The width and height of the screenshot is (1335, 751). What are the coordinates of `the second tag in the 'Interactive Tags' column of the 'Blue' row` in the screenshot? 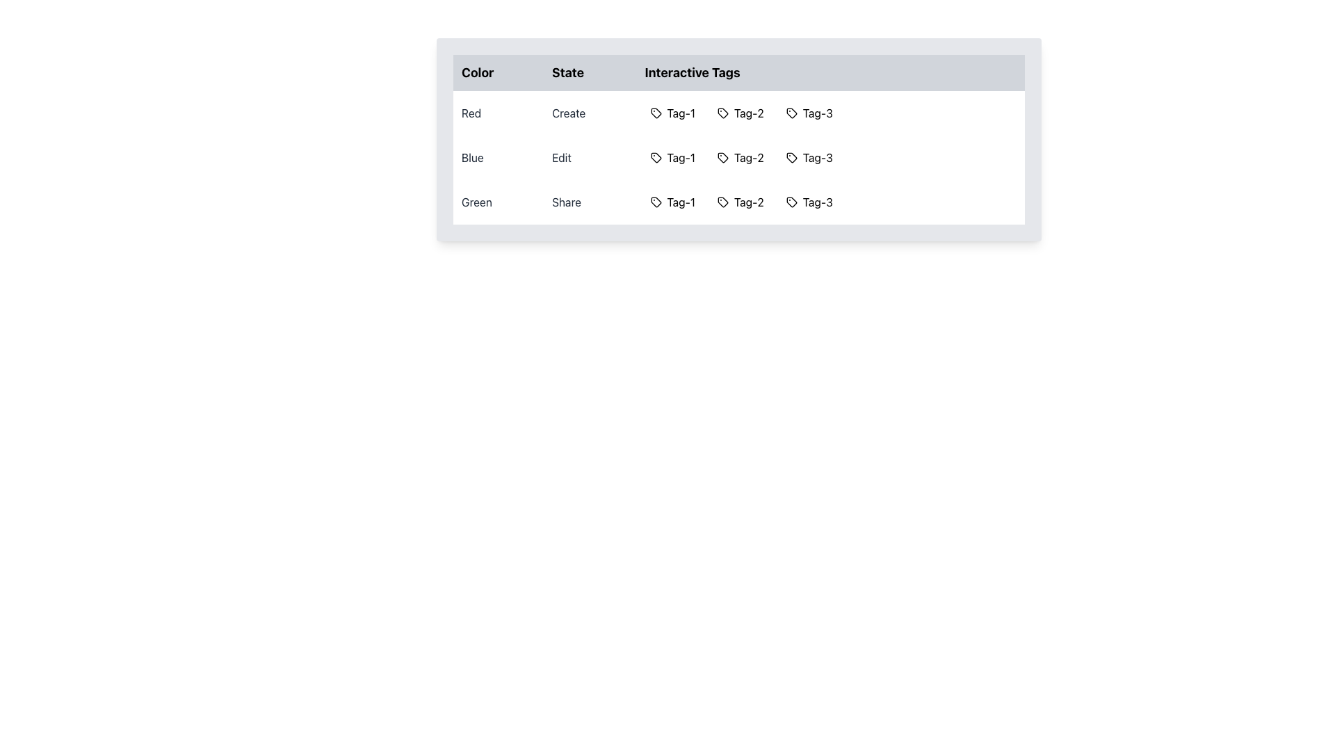 It's located at (740, 157).